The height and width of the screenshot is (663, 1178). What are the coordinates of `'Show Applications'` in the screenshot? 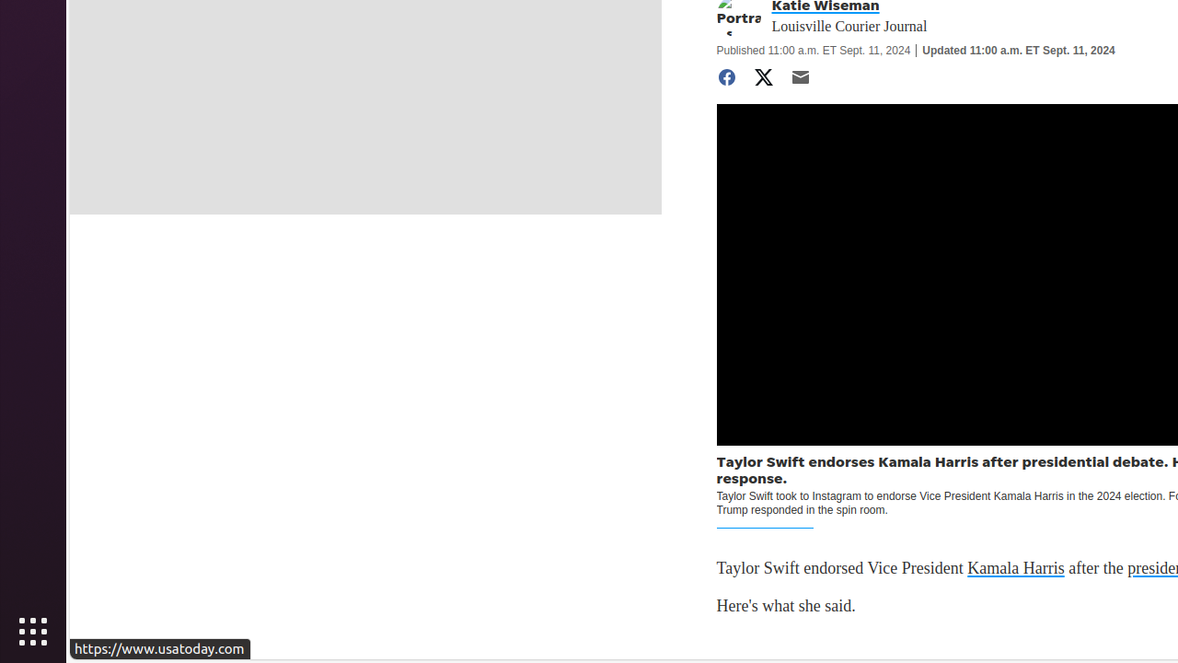 It's located at (32, 631).